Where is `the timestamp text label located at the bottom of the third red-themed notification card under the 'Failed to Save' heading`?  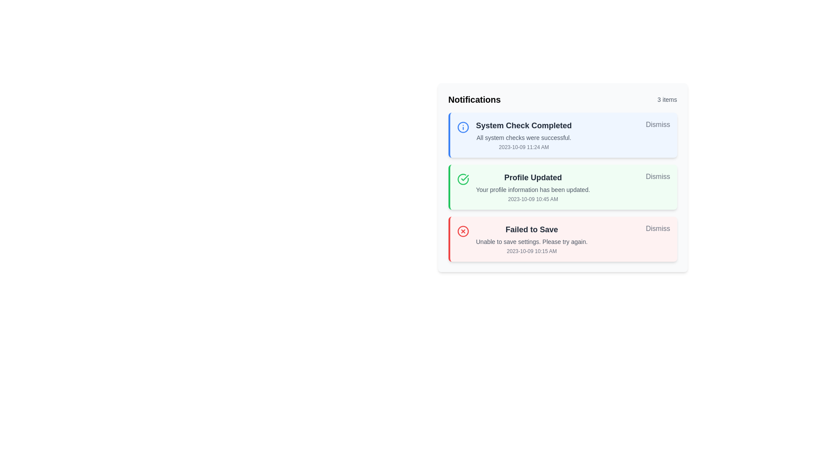
the timestamp text label located at the bottom of the third red-themed notification card under the 'Failed to Save' heading is located at coordinates (531, 251).